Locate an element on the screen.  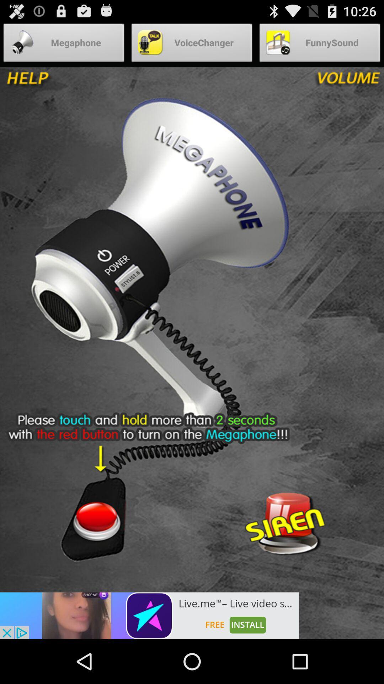
on option is located at coordinates (96, 520).